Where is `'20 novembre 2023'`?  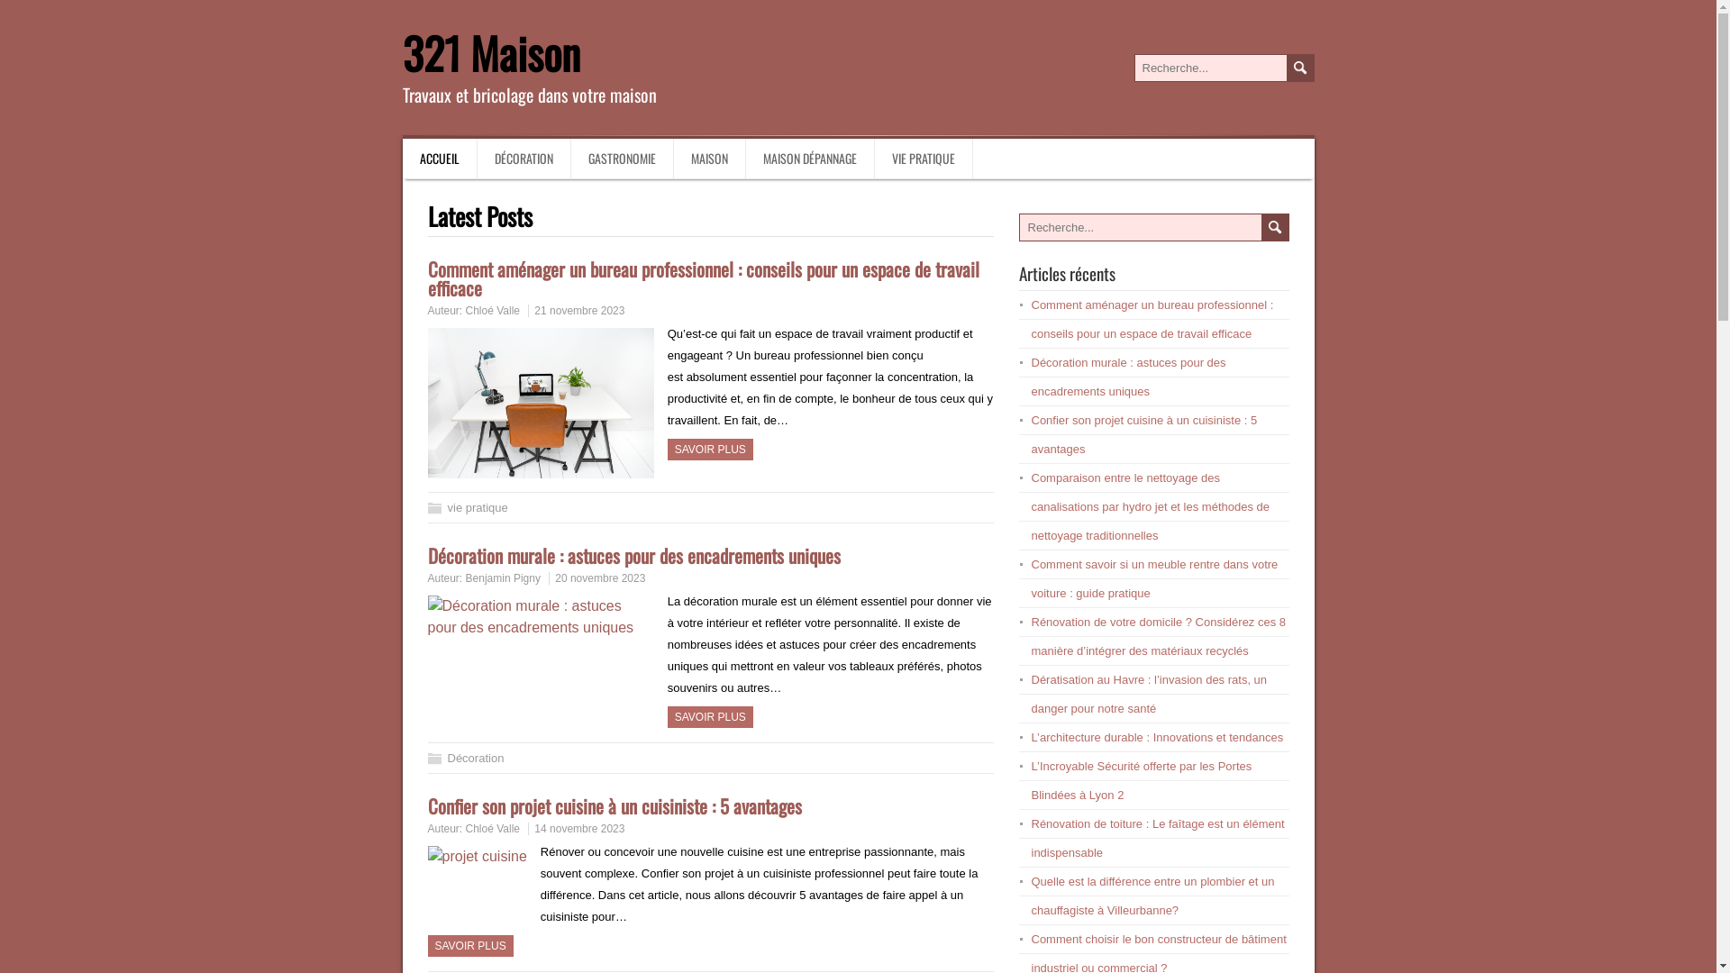 '20 novembre 2023' is located at coordinates (553, 577).